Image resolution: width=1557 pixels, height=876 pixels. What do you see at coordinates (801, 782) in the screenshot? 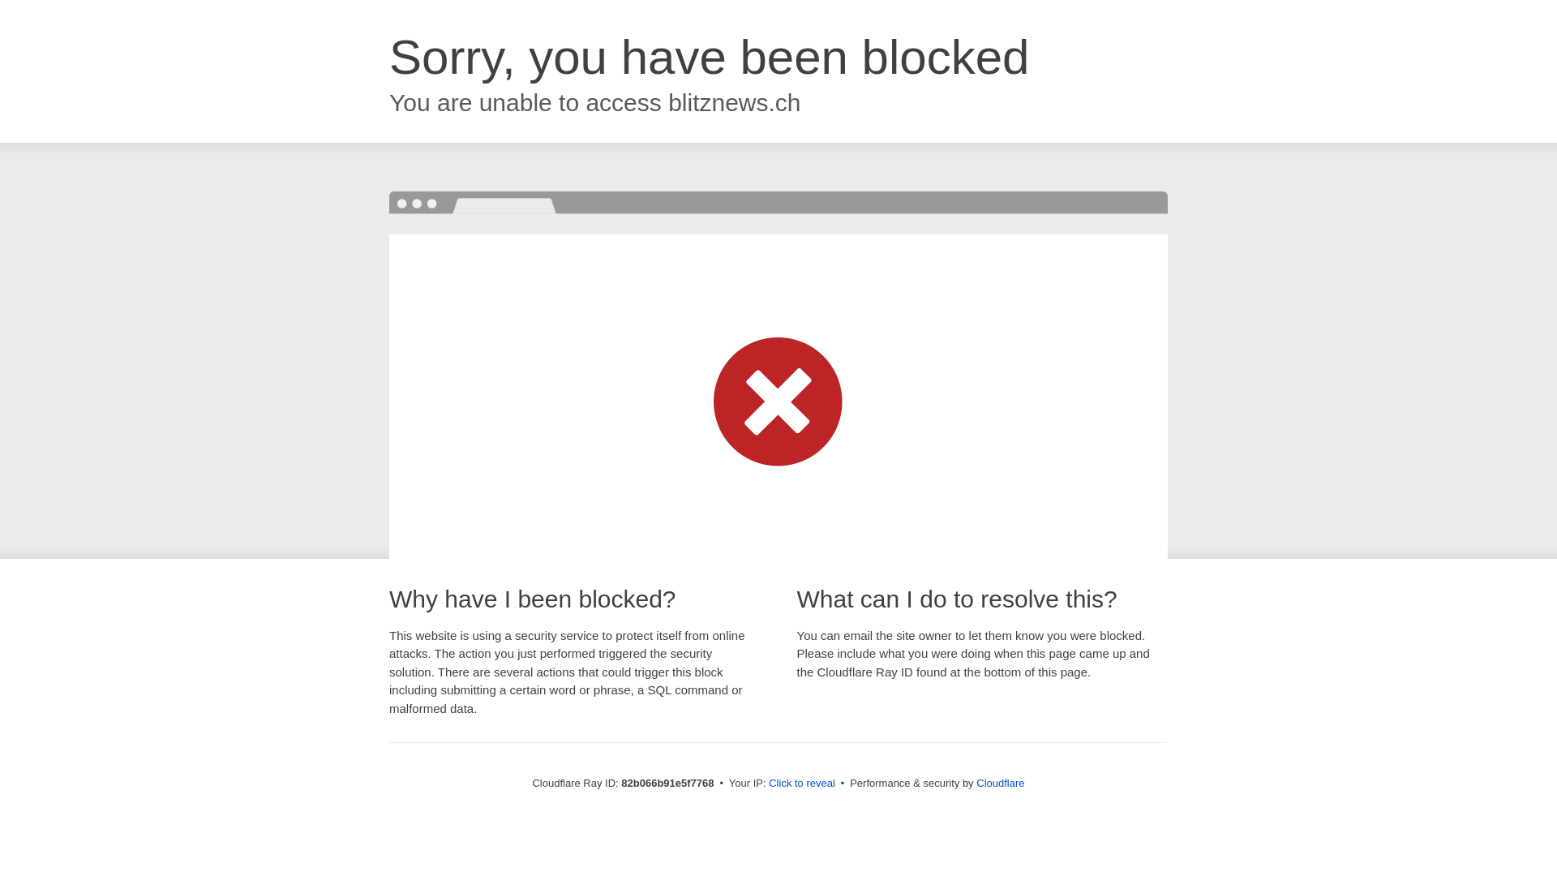
I see `'Click to reveal'` at bounding box center [801, 782].